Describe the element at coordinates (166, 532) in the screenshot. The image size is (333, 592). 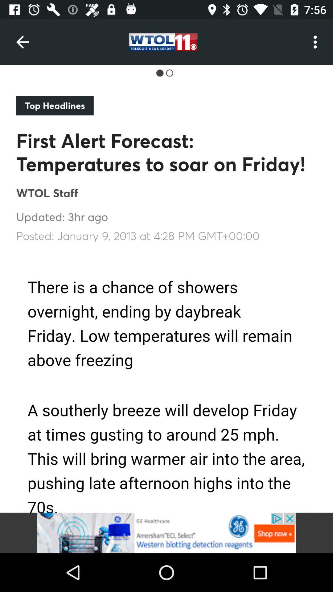
I see `advertisement page` at that location.